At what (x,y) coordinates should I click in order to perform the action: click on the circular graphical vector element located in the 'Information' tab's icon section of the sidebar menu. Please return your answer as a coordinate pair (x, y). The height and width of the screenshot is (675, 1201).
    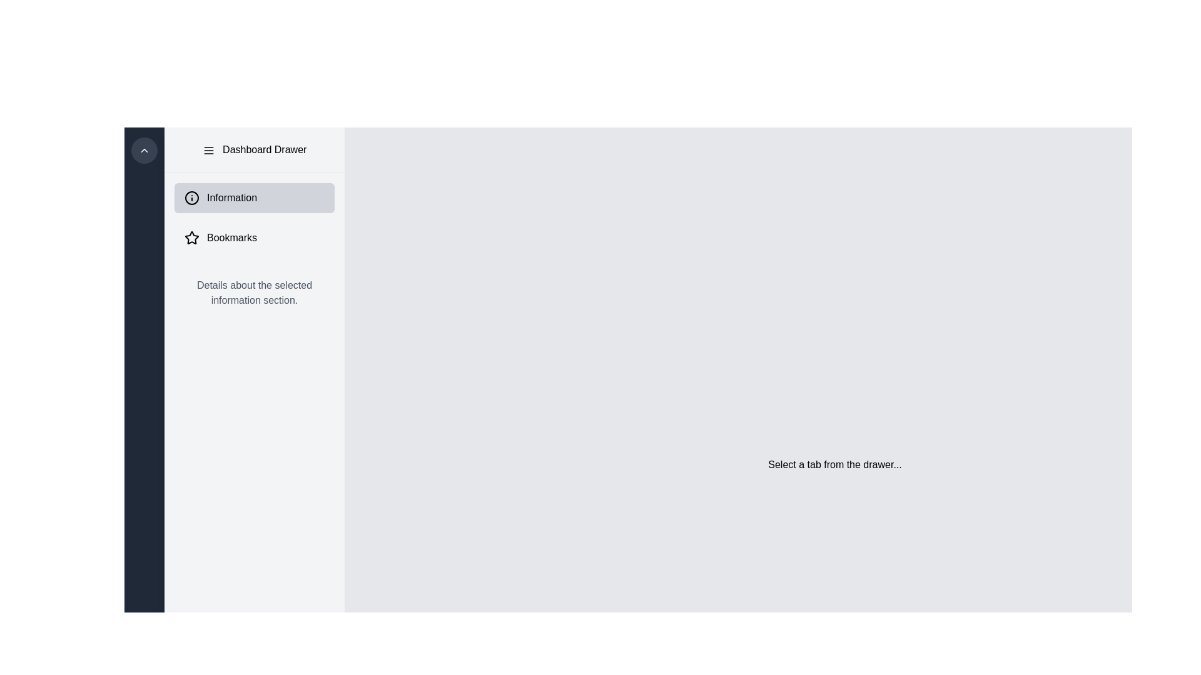
    Looking at the image, I should click on (191, 197).